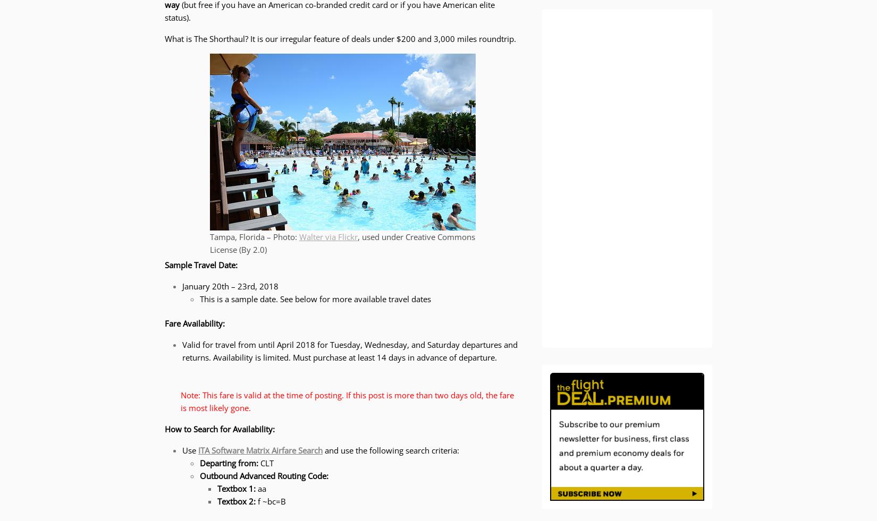  What do you see at coordinates (237, 501) in the screenshot?
I see `'Textbox 2:'` at bounding box center [237, 501].